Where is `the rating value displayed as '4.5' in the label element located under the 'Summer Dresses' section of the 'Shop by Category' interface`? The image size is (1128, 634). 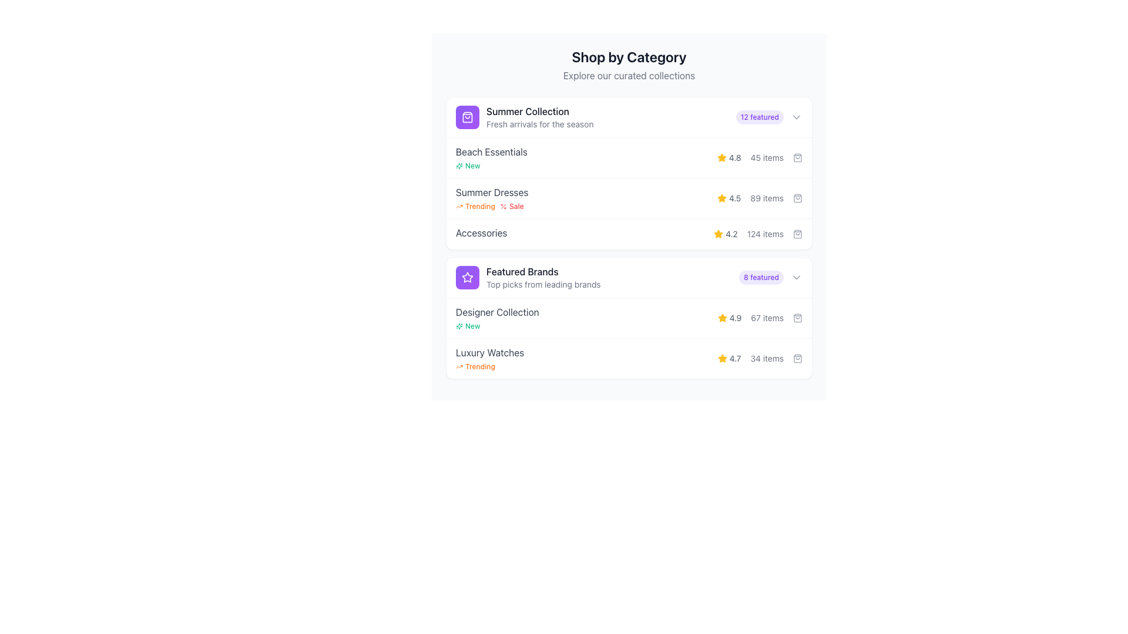 the rating value displayed as '4.5' in the label element located under the 'Summer Dresses' section of the 'Shop by Category' interface is located at coordinates (728, 198).